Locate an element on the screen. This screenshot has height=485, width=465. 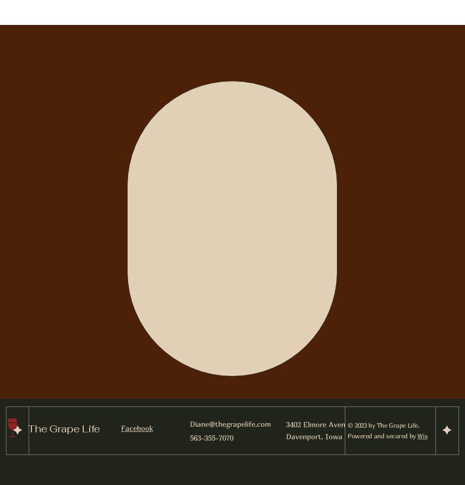
'CLOSED SUNDAY & MONDAY' is located at coordinates (233, 315).